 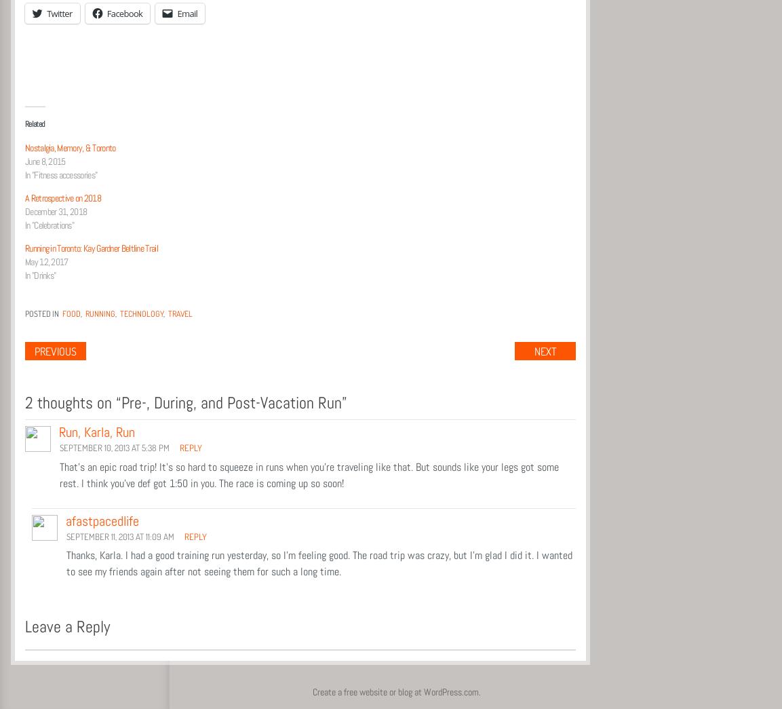 What do you see at coordinates (71, 313) in the screenshot?
I see `'Food'` at bounding box center [71, 313].